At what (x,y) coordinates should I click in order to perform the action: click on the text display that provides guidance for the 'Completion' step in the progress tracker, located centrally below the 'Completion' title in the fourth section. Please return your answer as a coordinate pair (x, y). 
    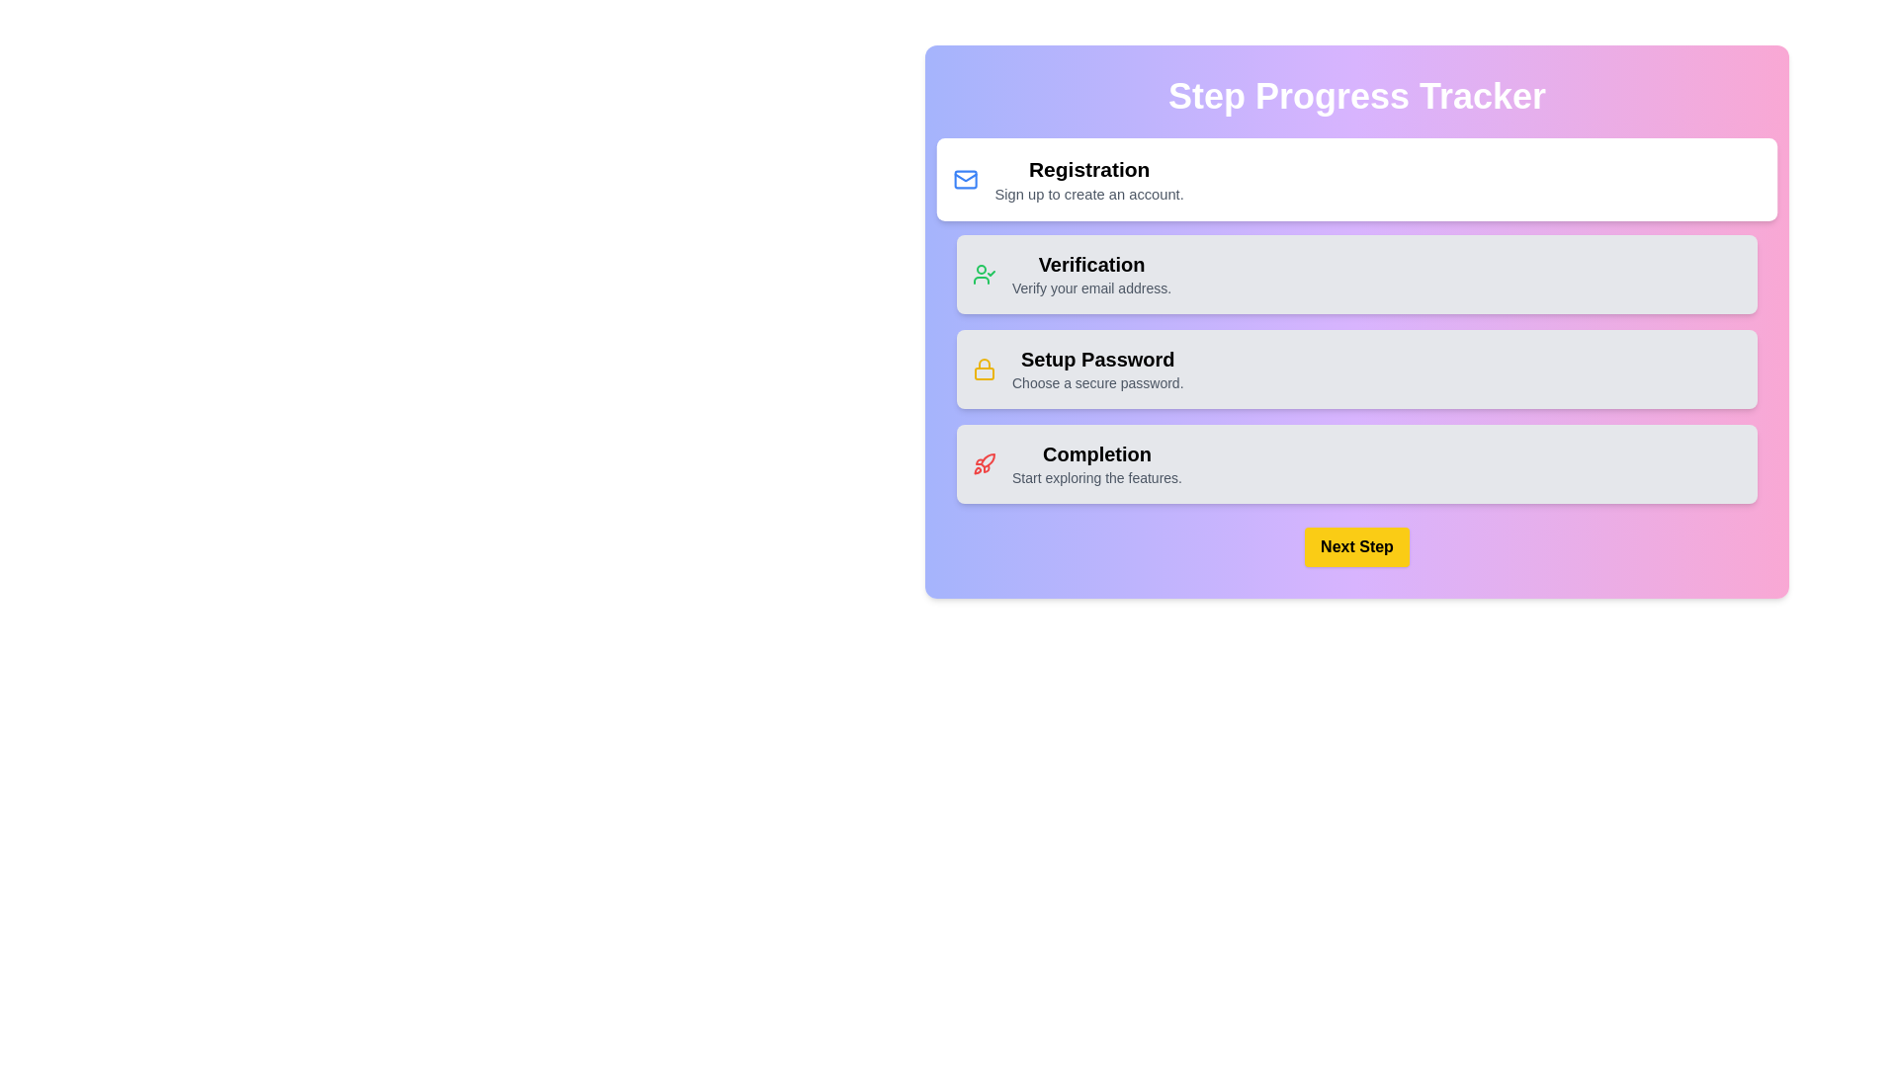
    Looking at the image, I should click on (1095, 477).